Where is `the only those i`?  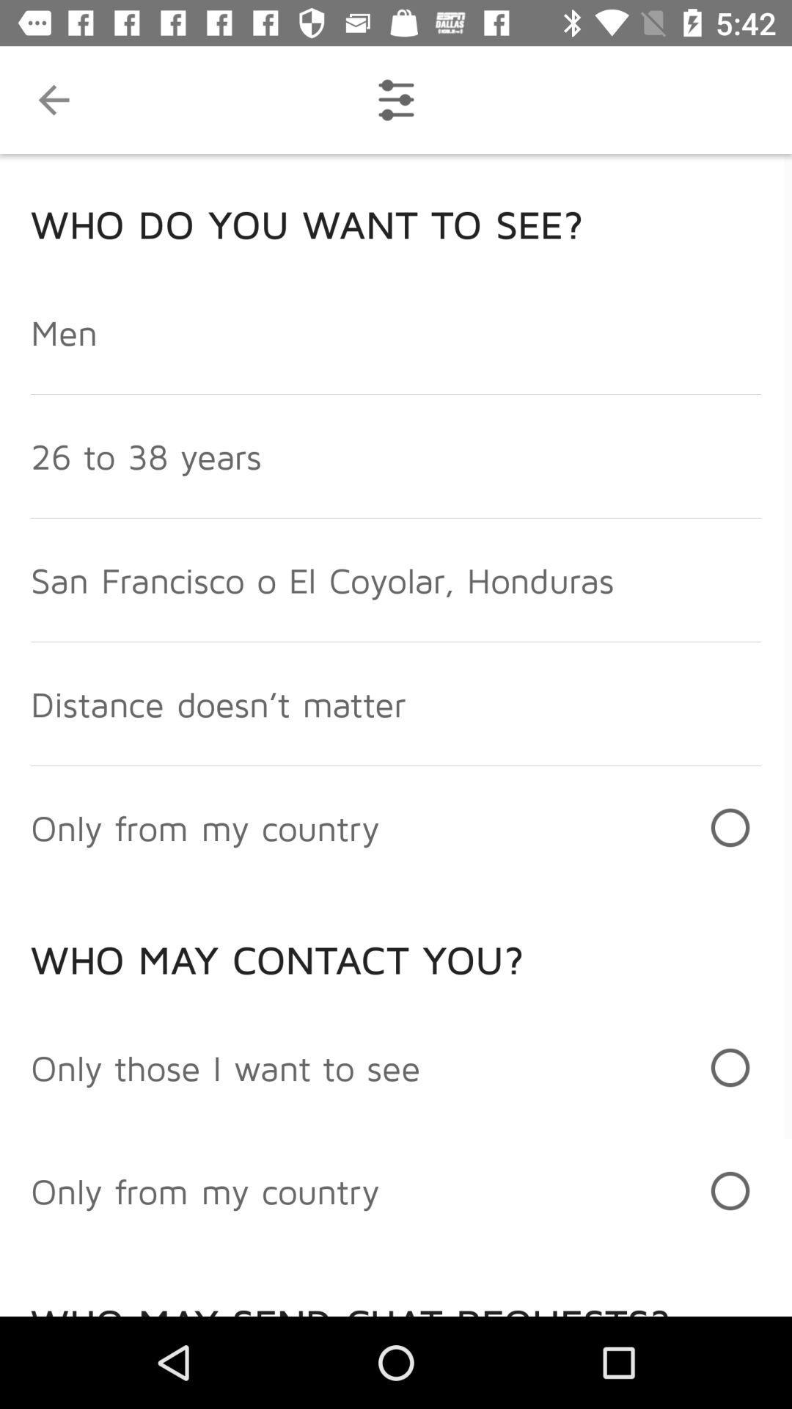
the only those i is located at coordinates (225, 1067).